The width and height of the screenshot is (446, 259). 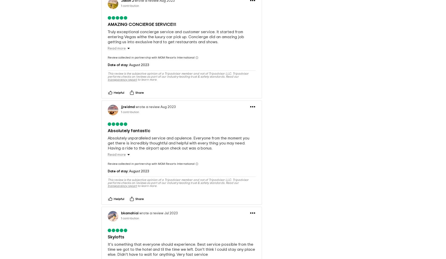 I want to click on 'Truly exceptional concierge service and customer service.  It started from entering Vegas withe the luxury car pick up.  Concierge did an amazing job getting us into exclusive hard to get restaurants and shows.', so click(x=176, y=28).